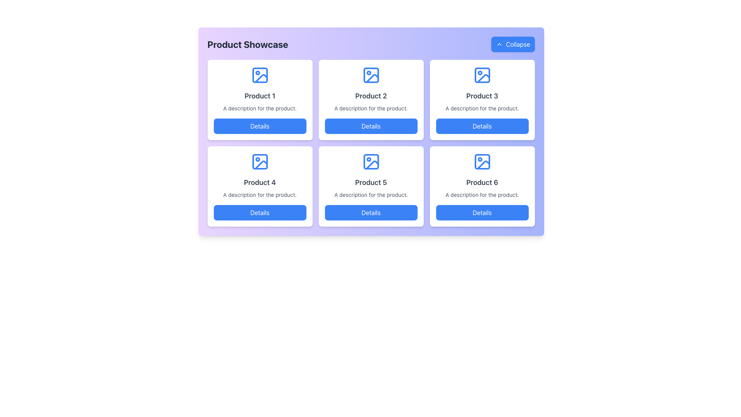  I want to click on the description text for 'Product 3', located below the title and above the 'Details' button, so click(482, 108).